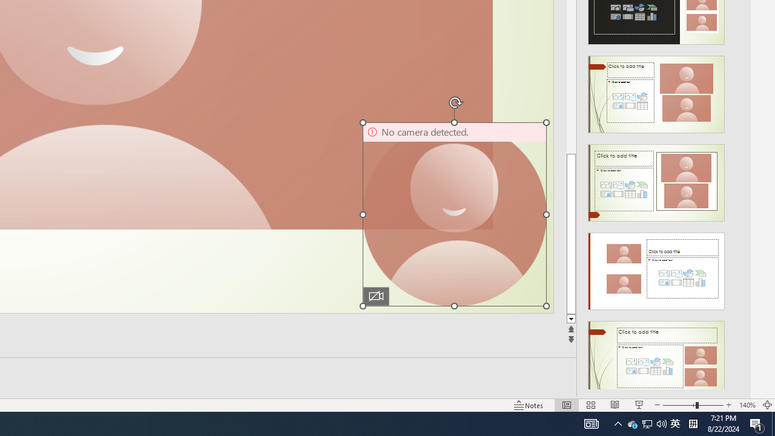 This screenshot has width=775, height=436. Describe the element at coordinates (747, 405) in the screenshot. I see `'Zoom 140%'` at that location.